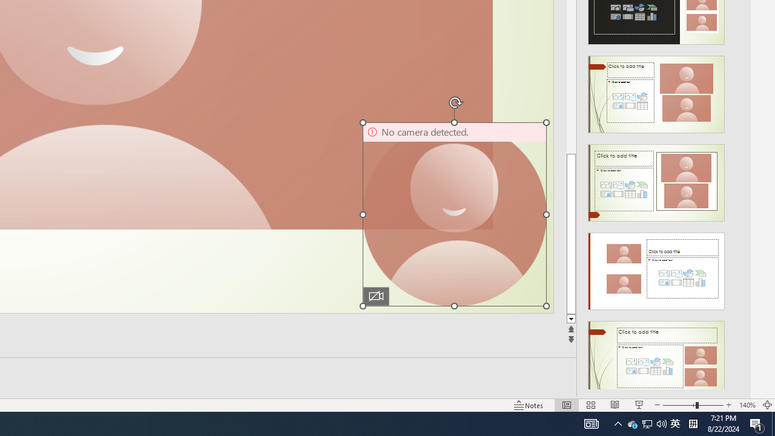 This screenshot has width=775, height=436. Describe the element at coordinates (747, 405) in the screenshot. I see `'Zoom 140%'` at that location.